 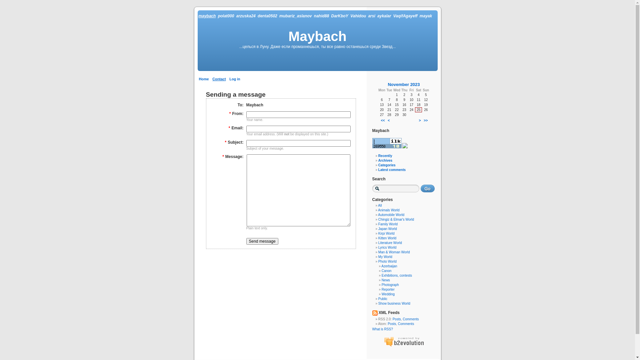 I want to click on 'Exhibitions, contests', so click(x=397, y=275).